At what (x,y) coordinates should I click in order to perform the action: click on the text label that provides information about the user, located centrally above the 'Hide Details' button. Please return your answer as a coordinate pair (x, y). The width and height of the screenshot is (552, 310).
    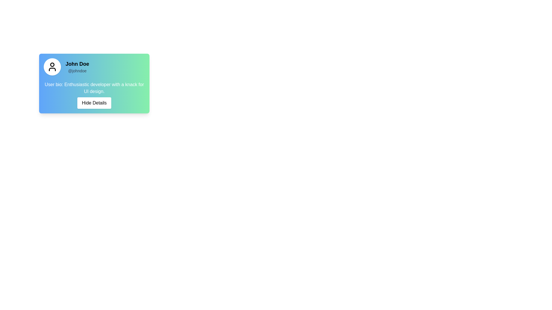
    Looking at the image, I should click on (94, 88).